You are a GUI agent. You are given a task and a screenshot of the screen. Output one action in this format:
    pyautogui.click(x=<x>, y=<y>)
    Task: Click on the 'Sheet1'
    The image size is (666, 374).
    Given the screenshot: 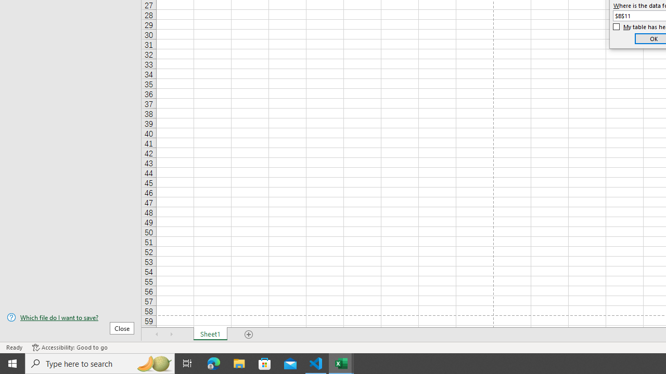 What is the action you would take?
    pyautogui.click(x=210, y=335)
    